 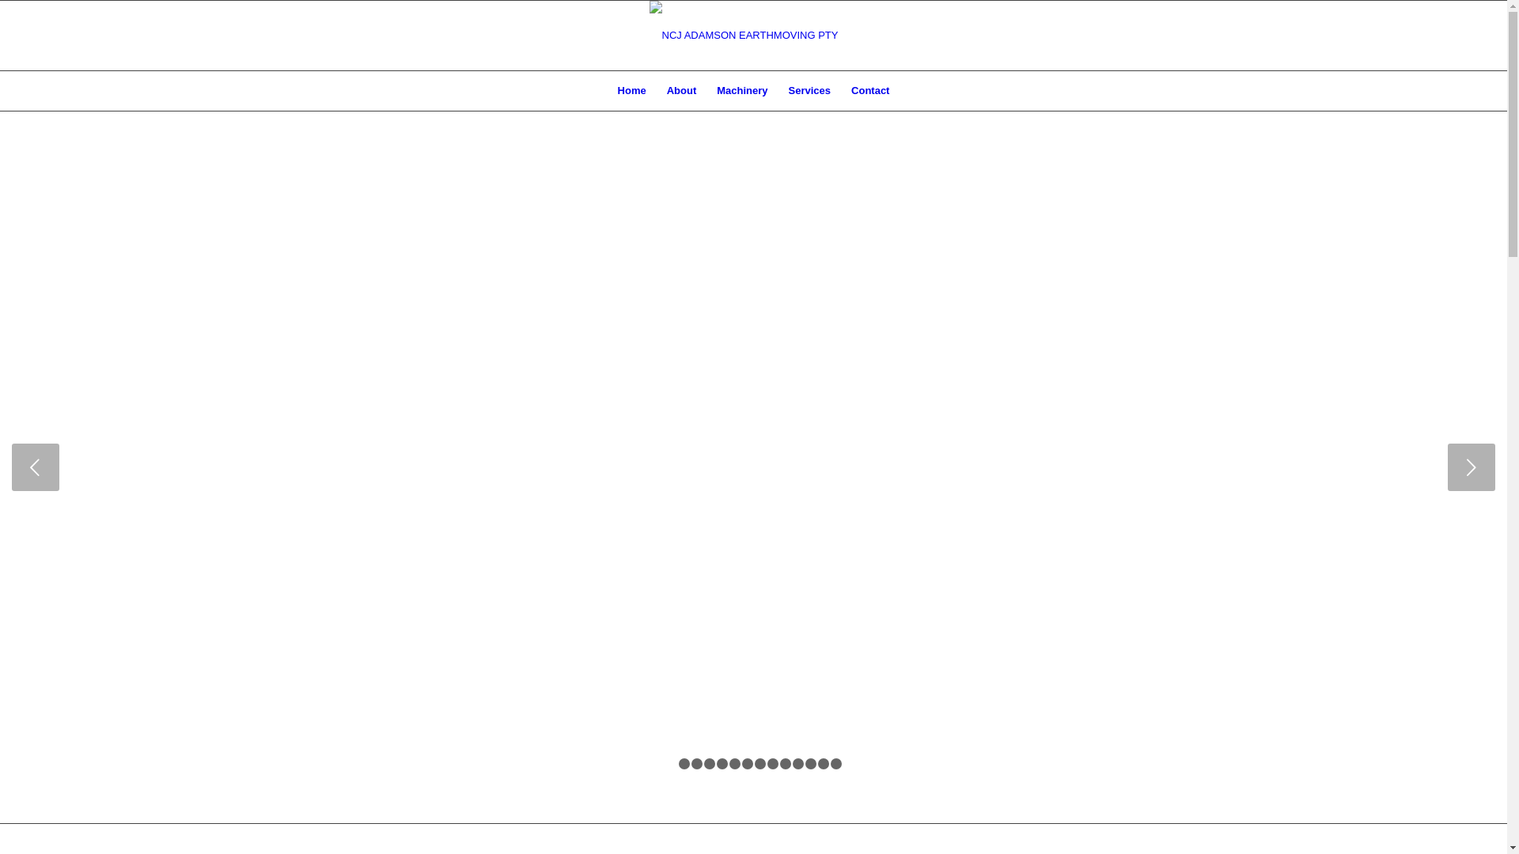 What do you see at coordinates (1447, 466) in the screenshot?
I see `'Next'` at bounding box center [1447, 466].